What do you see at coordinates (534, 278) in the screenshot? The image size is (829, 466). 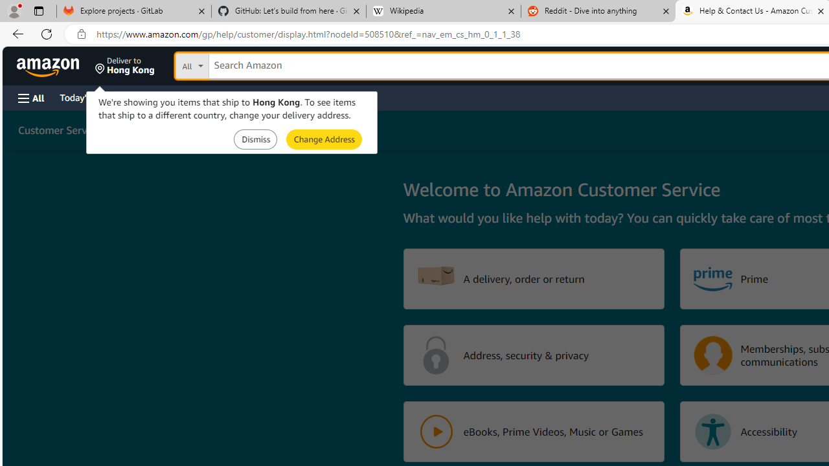 I see `'A delivery, order or return'` at bounding box center [534, 278].